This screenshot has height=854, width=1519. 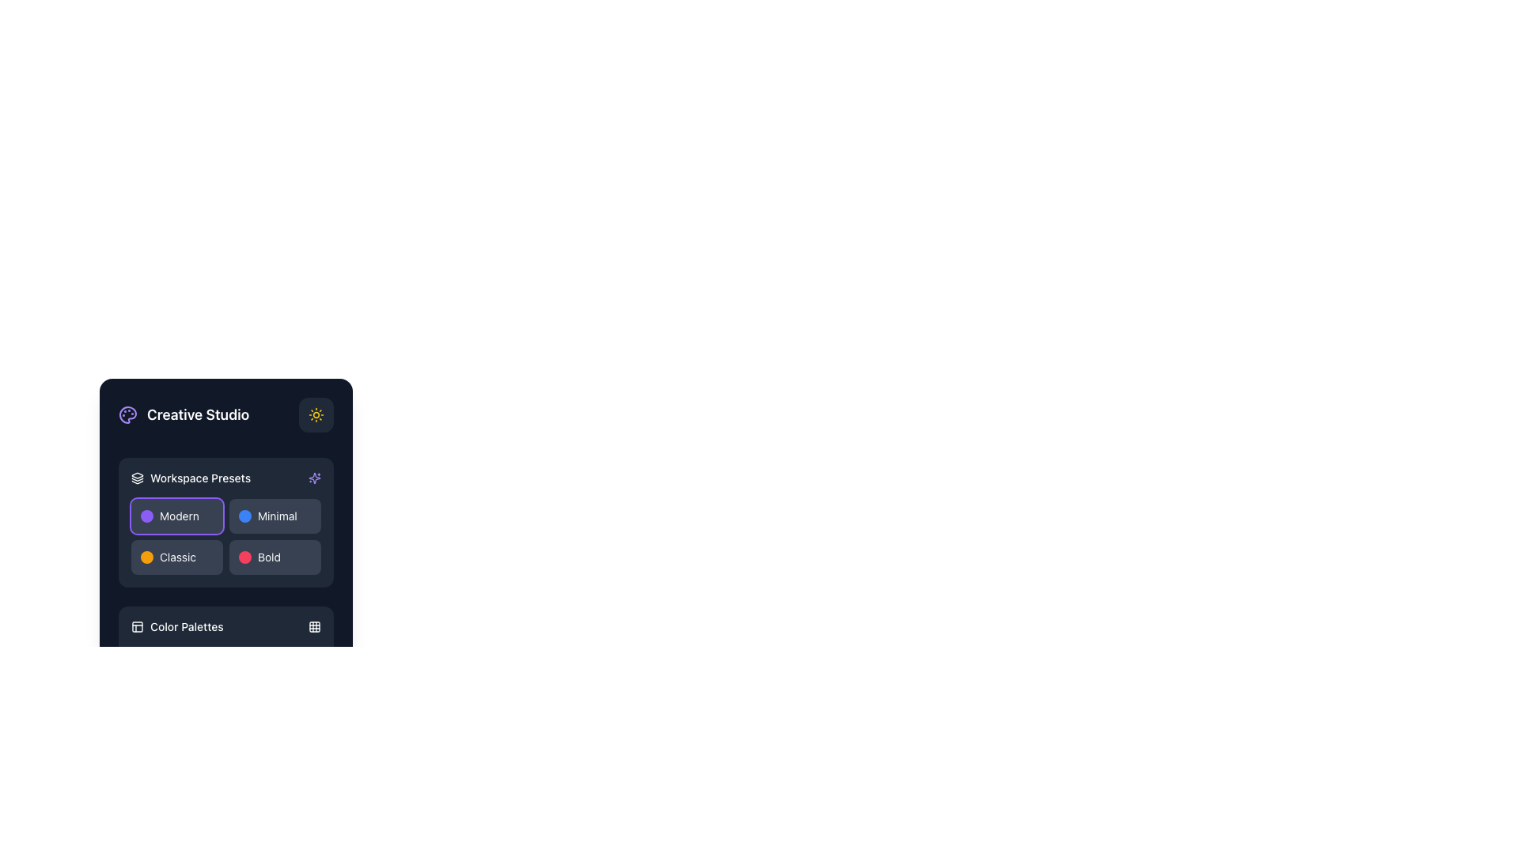 I want to click on the 'Bold' button in the grid layout of selection options under 'Workspace Presets' in the 'Creative Studio' panel, so click(x=225, y=535).